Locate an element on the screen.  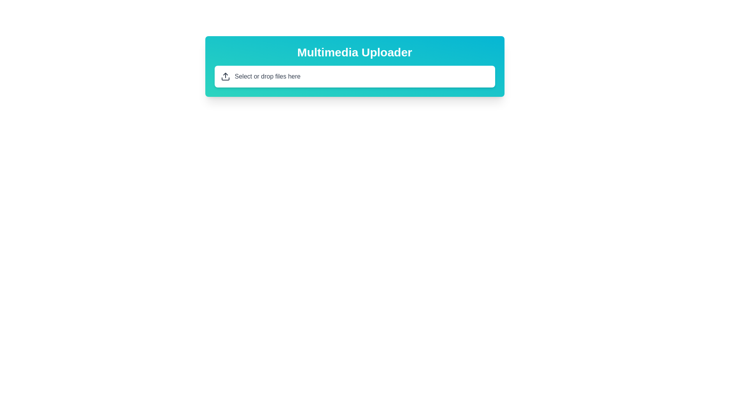
the static text label that prompts the user to click or drag-and-drop files, located to the right of the upload icon under the 'Multimedia Uploader' header is located at coordinates (267, 76).